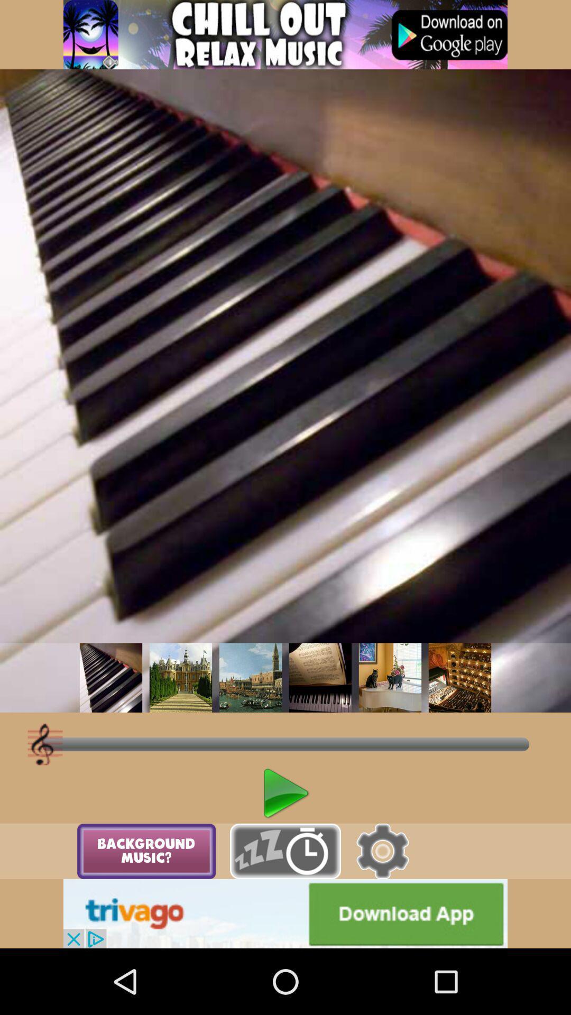  What do you see at coordinates (285, 851) in the screenshot?
I see `snooze option` at bounding box center [285, 851].